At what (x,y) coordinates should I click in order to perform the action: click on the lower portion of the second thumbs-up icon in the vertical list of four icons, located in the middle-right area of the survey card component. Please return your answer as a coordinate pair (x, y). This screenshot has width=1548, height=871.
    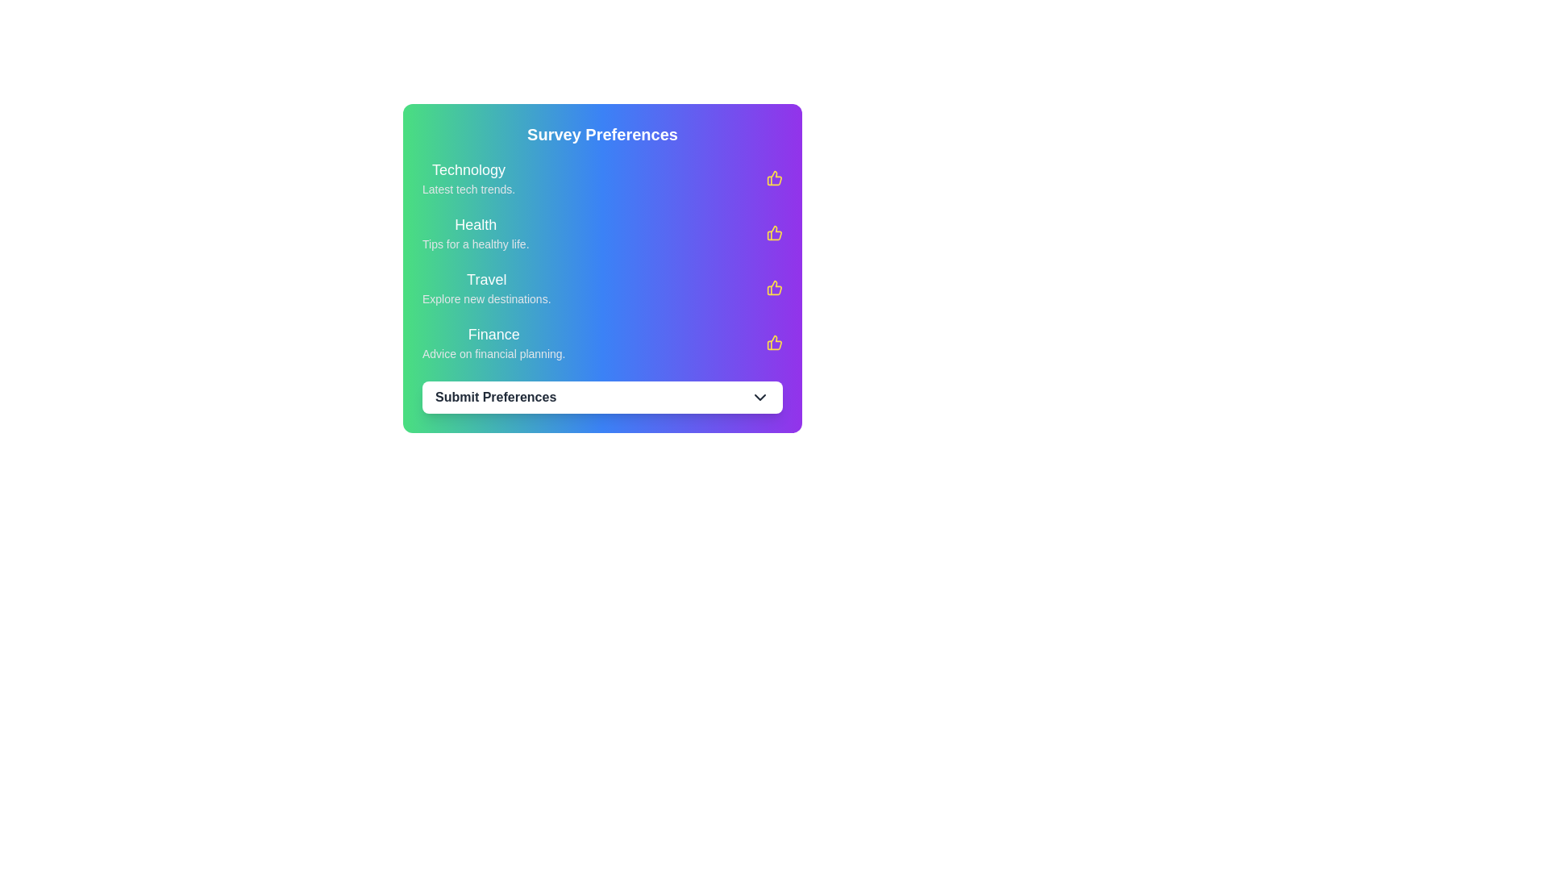
    Looking at the image, I should click on (774, 233).